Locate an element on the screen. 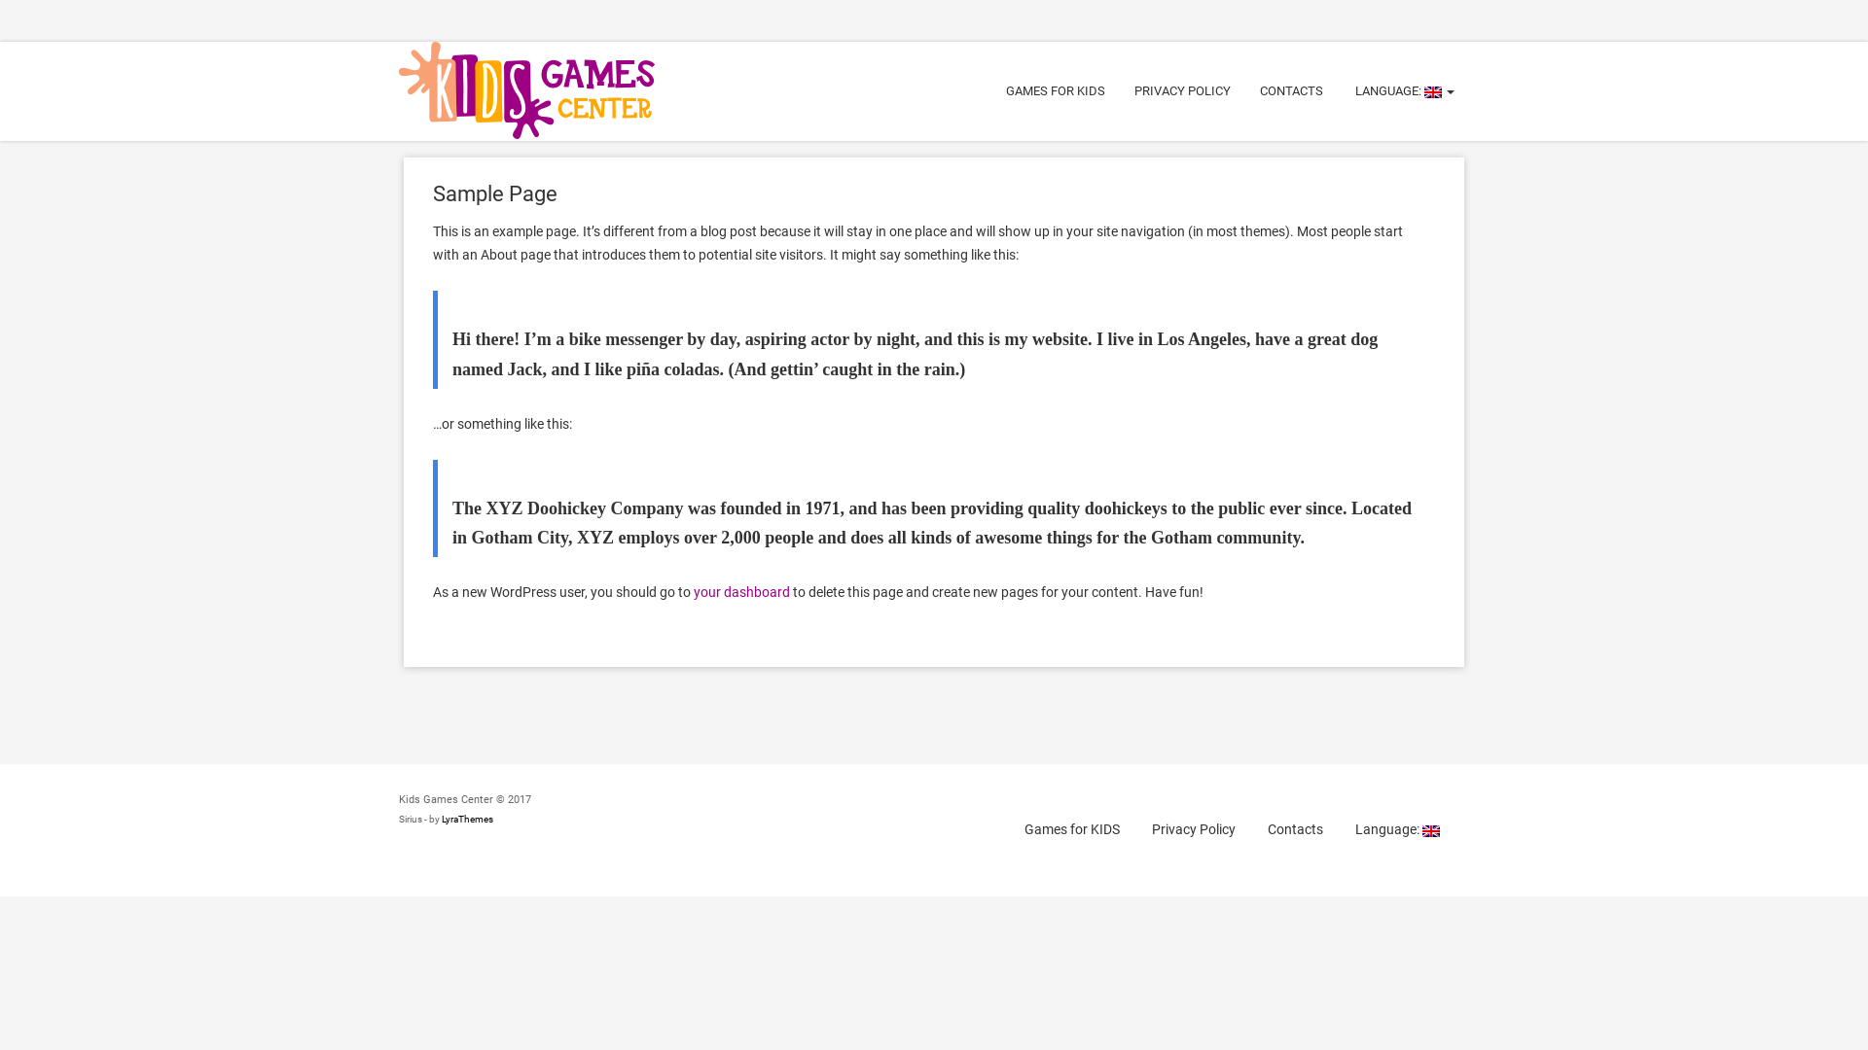 Image resolution: width=1868 pixels, height=1050 pixels. 'LyraThemes' is located at coordinates (467, 819).